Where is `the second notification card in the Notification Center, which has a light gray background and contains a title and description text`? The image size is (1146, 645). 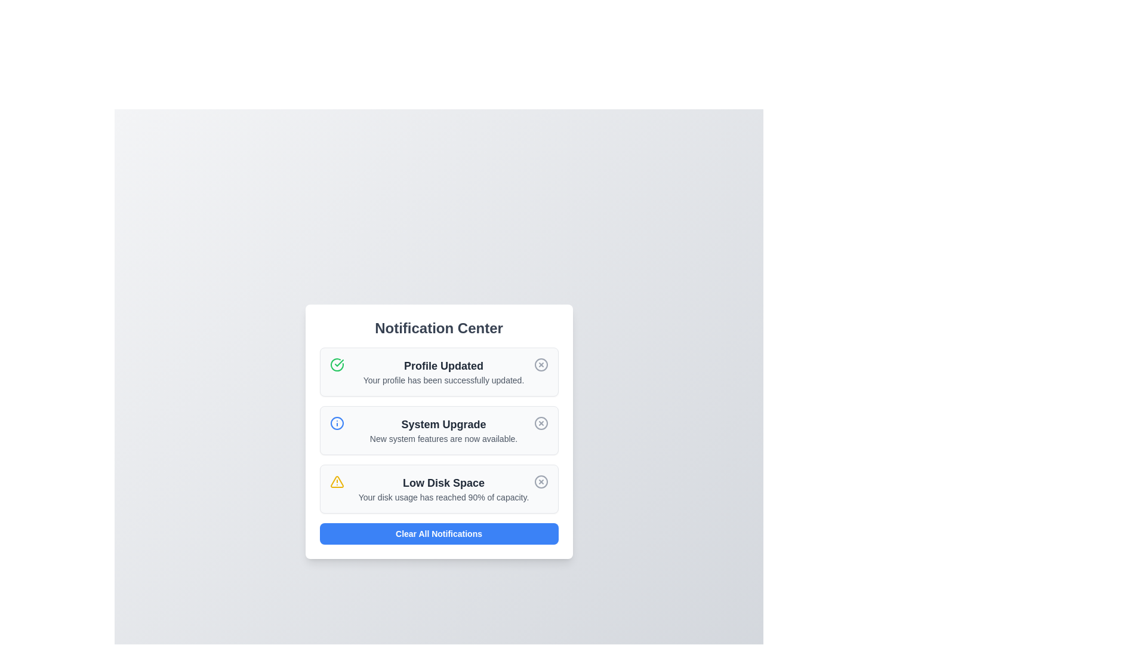 the second notification card in the Notification Center, which has a light gray background and contains a title and description text is located at coordinates (438, 431).